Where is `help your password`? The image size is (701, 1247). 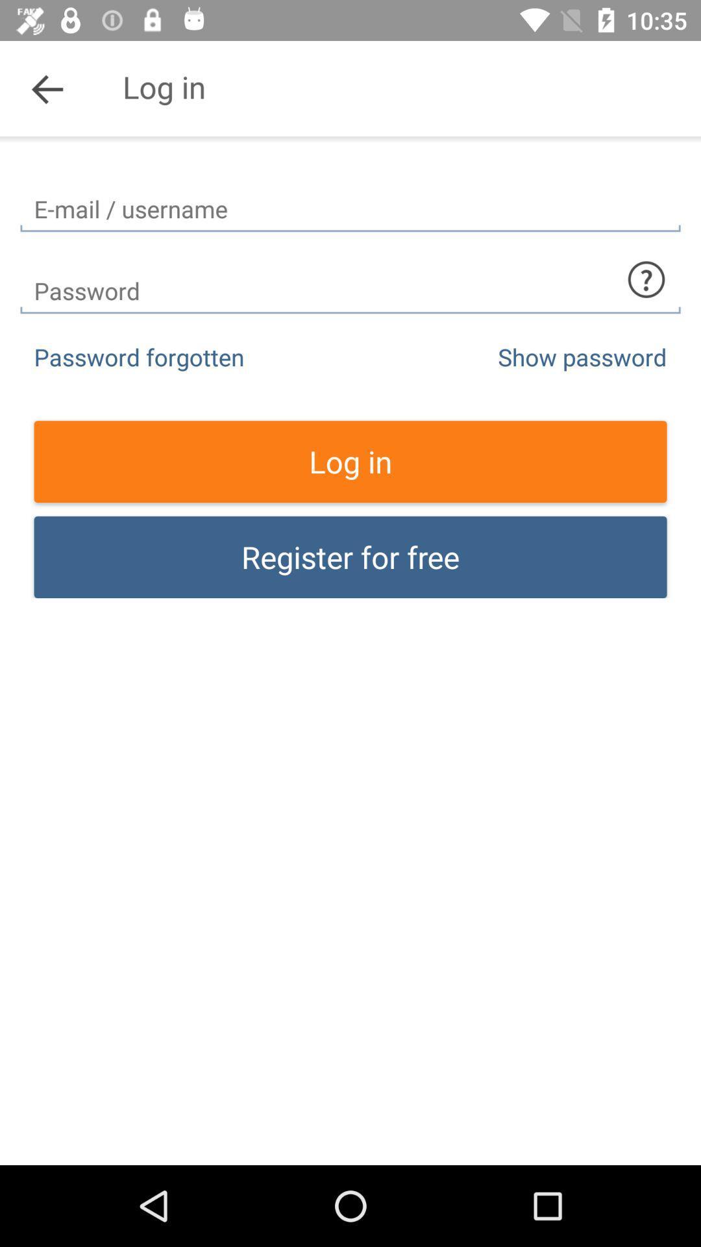
help your password is located at coordinates (646, 279).